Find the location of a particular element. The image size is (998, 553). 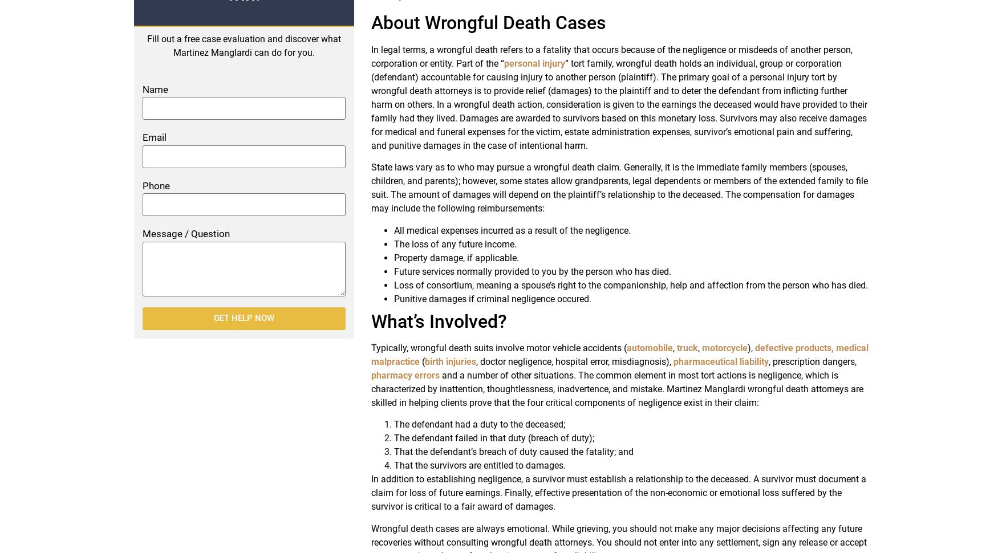

'About Wrongful Death Cases' is located at coordinates (488, 22).